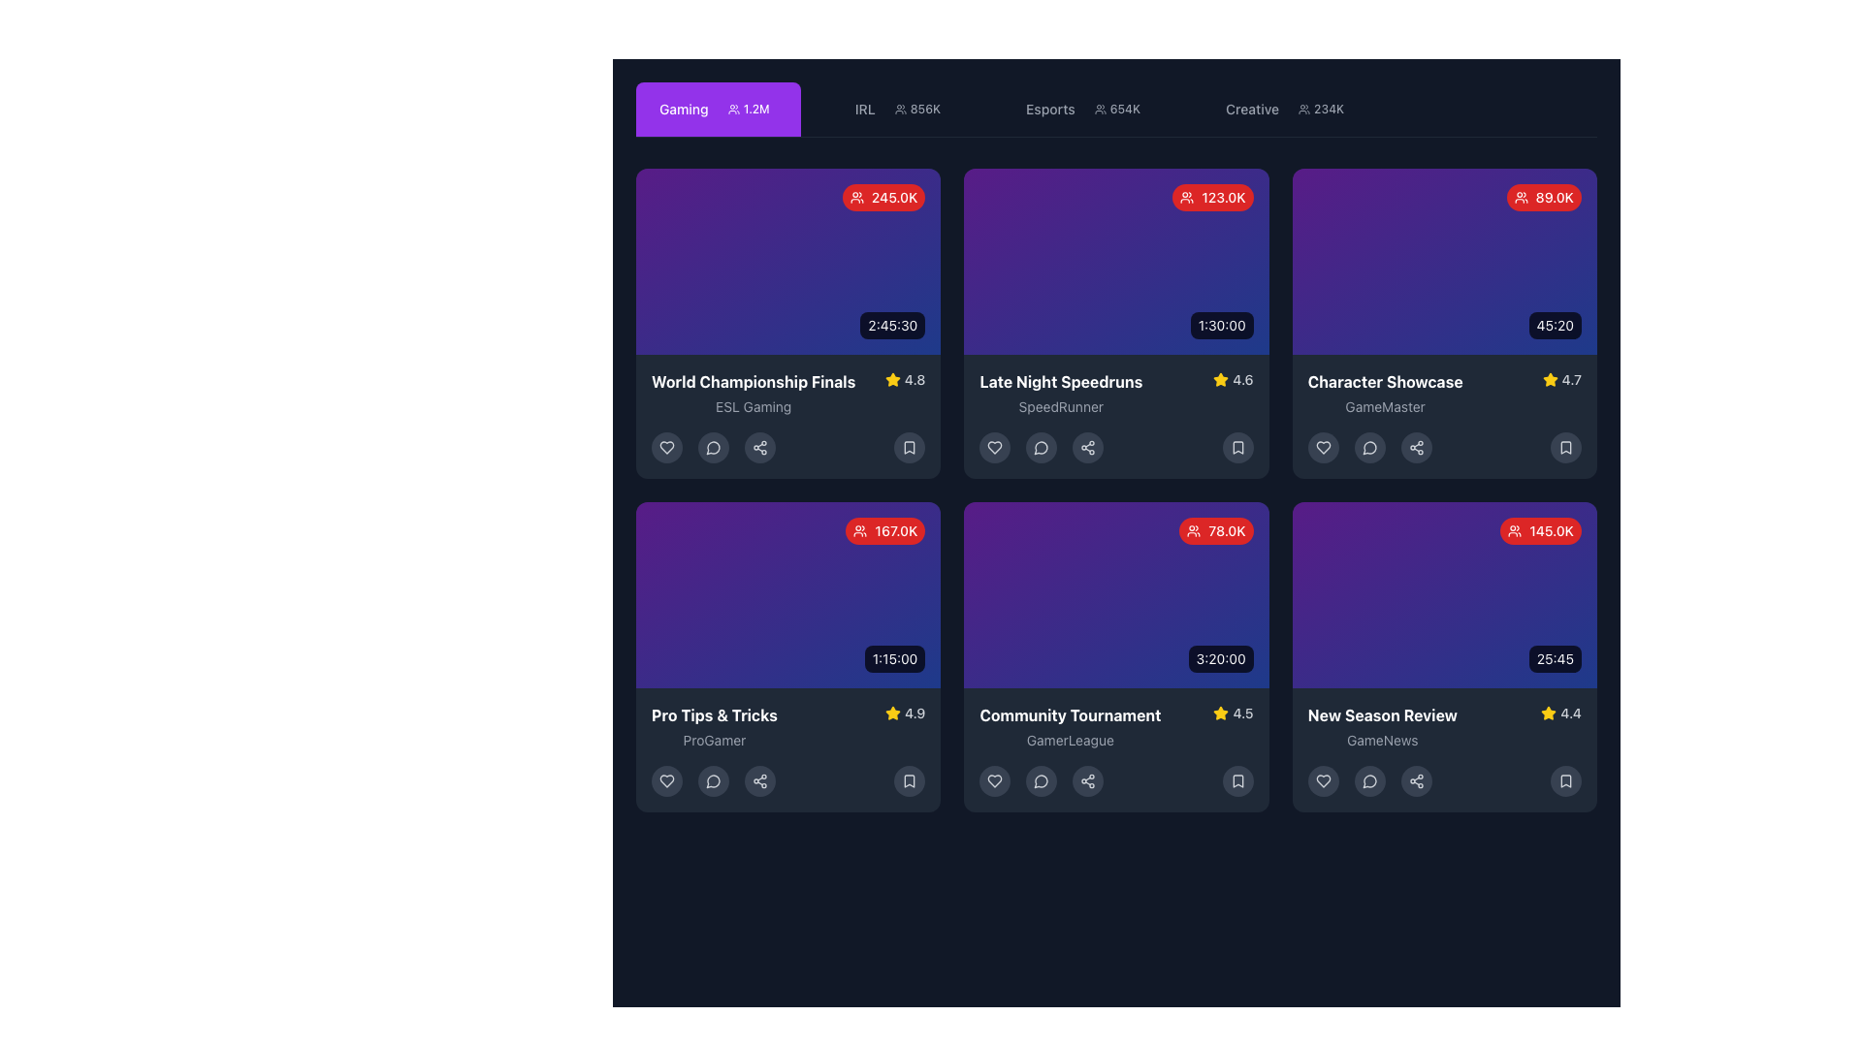 This screenshot has height=1047, width=1862. What do you see at coordinates (1069, 714) in the screenshot?
I see `the text label that serves as the title of the second card from the left in the bottom row of a grid layout, positioned above the subheading 'GamerLeague'` at bounding box center [1069, 714].